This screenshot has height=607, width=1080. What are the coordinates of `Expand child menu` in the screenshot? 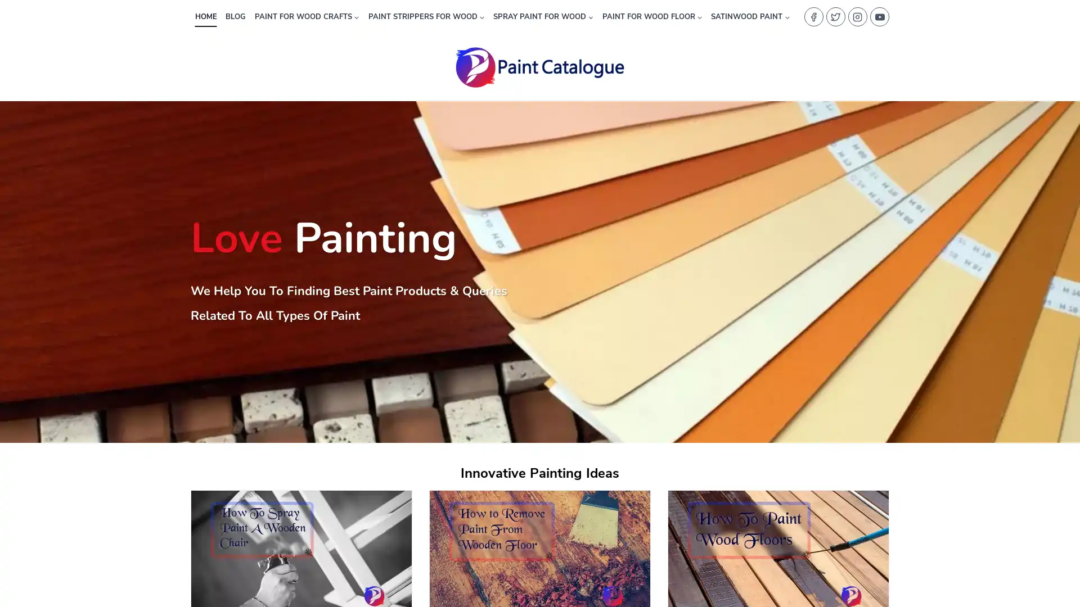 It's located at (543, 16).